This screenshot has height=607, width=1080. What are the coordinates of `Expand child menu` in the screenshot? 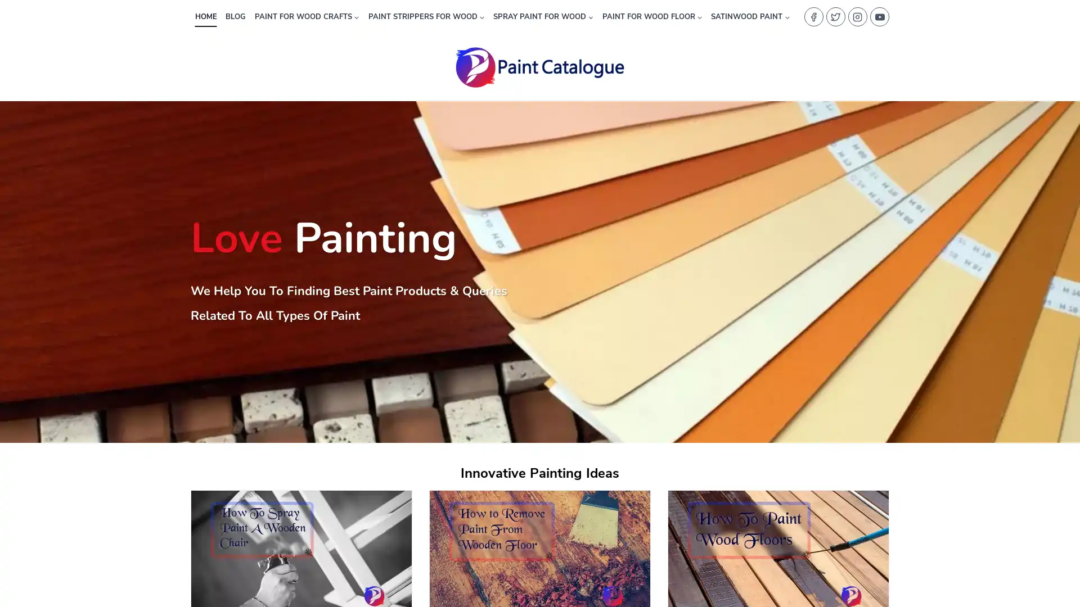 It's located at (543, 16).